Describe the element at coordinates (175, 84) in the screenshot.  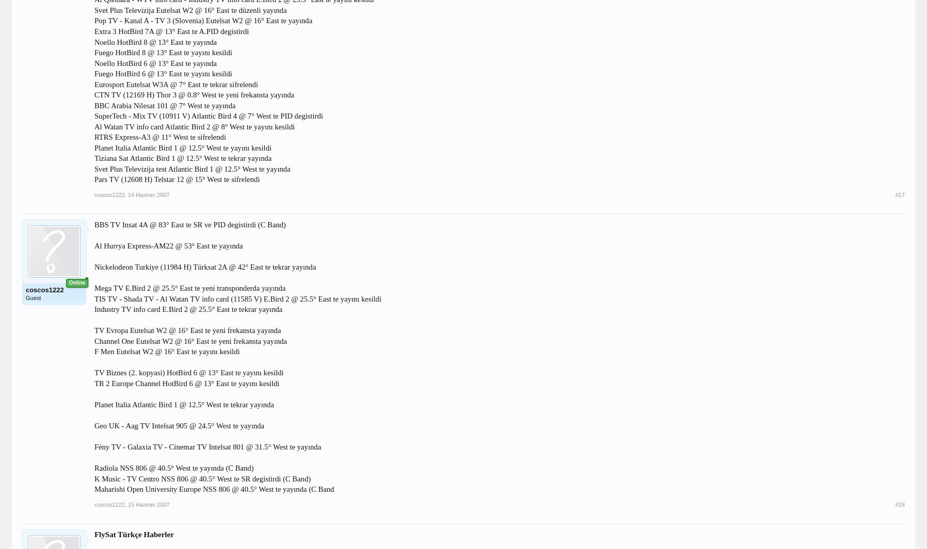
I see `'Eurosport Eutelsat W3A @ 7° East te tekrar sifrelendi'` at that location.